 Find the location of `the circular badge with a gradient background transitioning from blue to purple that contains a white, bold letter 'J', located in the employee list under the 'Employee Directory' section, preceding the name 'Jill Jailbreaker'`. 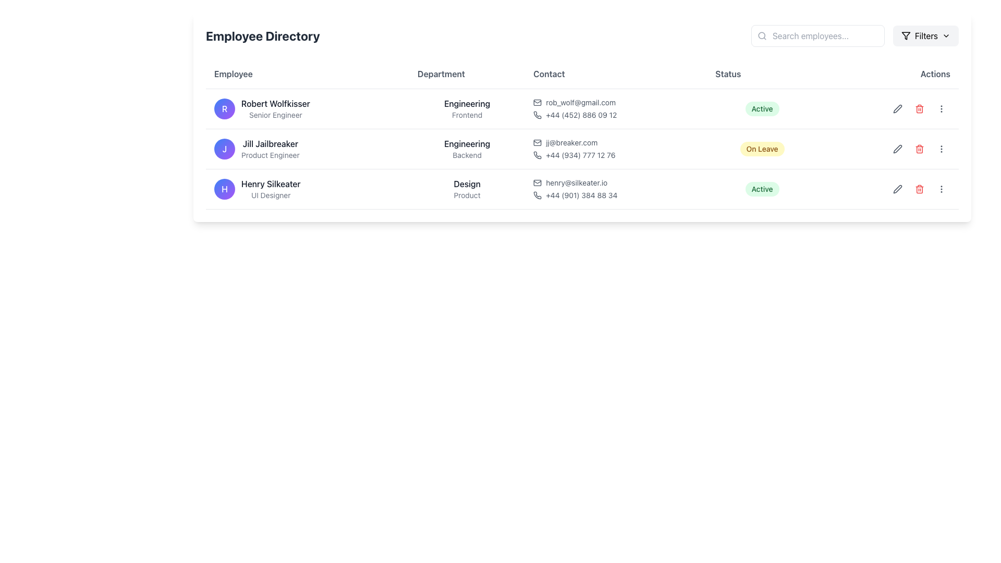

the circular badge with a gradient background transitioning from blue to purple that contains a white, bold letter 'J', located in the employee list under the 'Employee Directory' section, preceding the name 'Jill Jailbreaker' is located at coordinates (224, 149).